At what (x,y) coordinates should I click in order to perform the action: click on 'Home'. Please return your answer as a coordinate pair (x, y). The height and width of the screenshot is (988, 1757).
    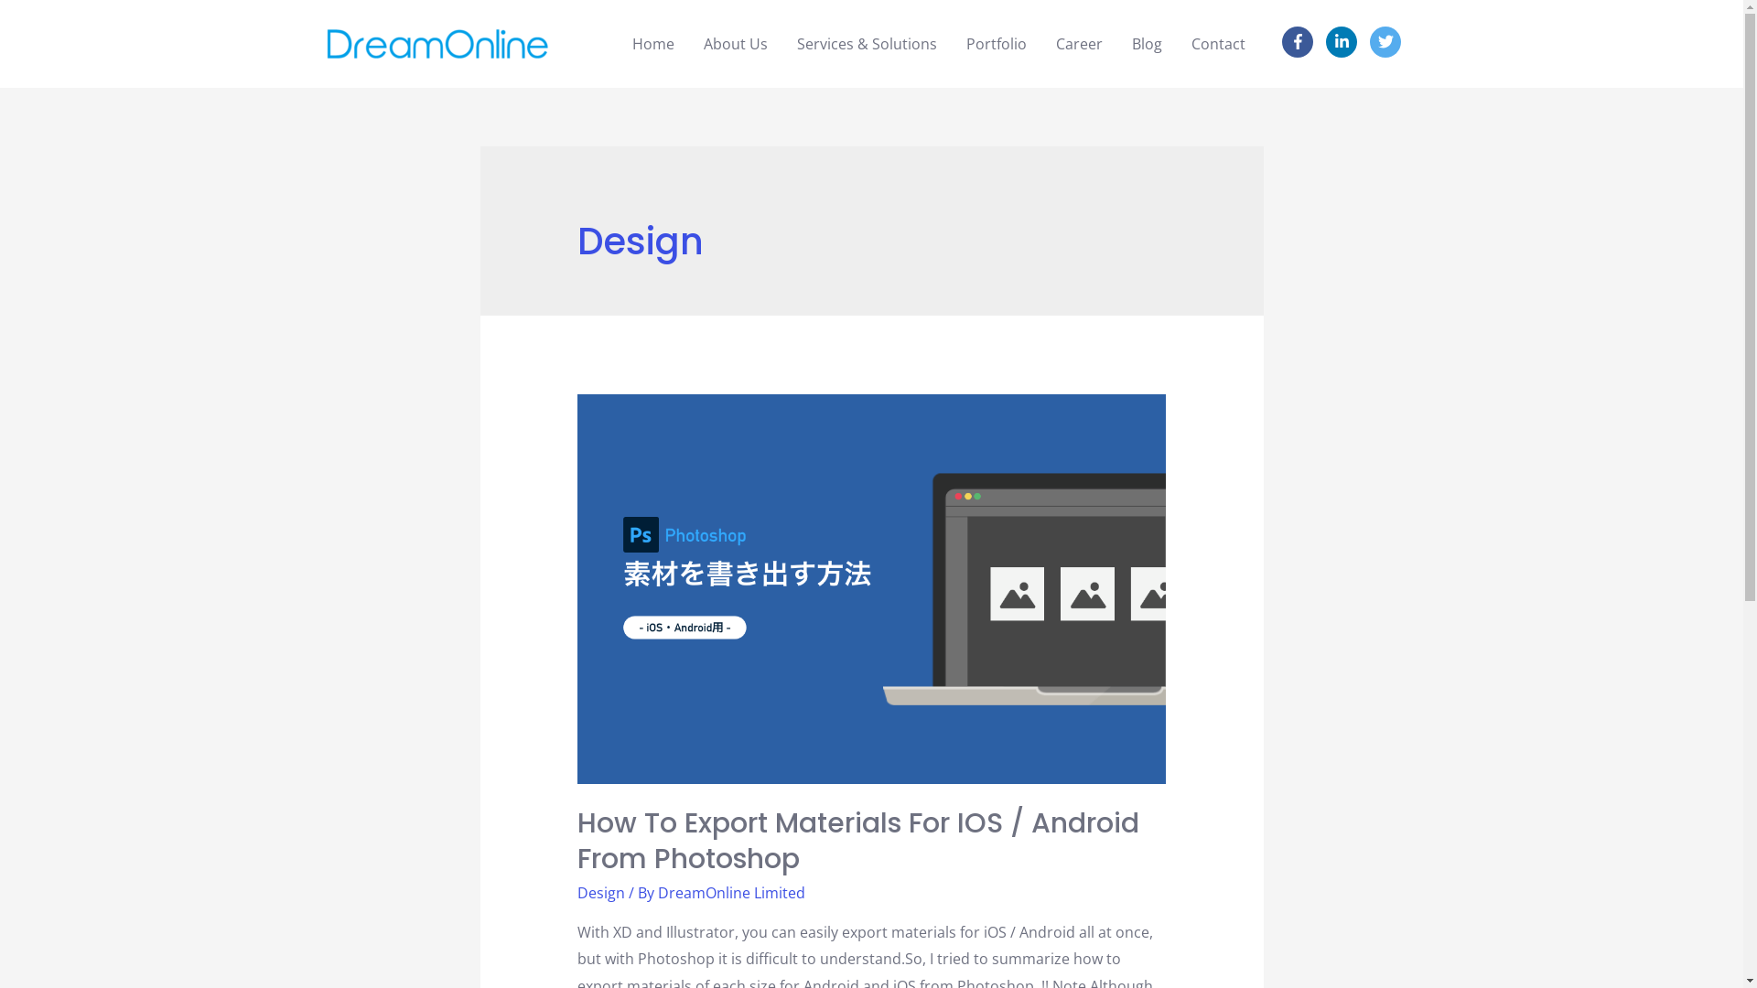
    Looking at the image, I should click on (653, 42).